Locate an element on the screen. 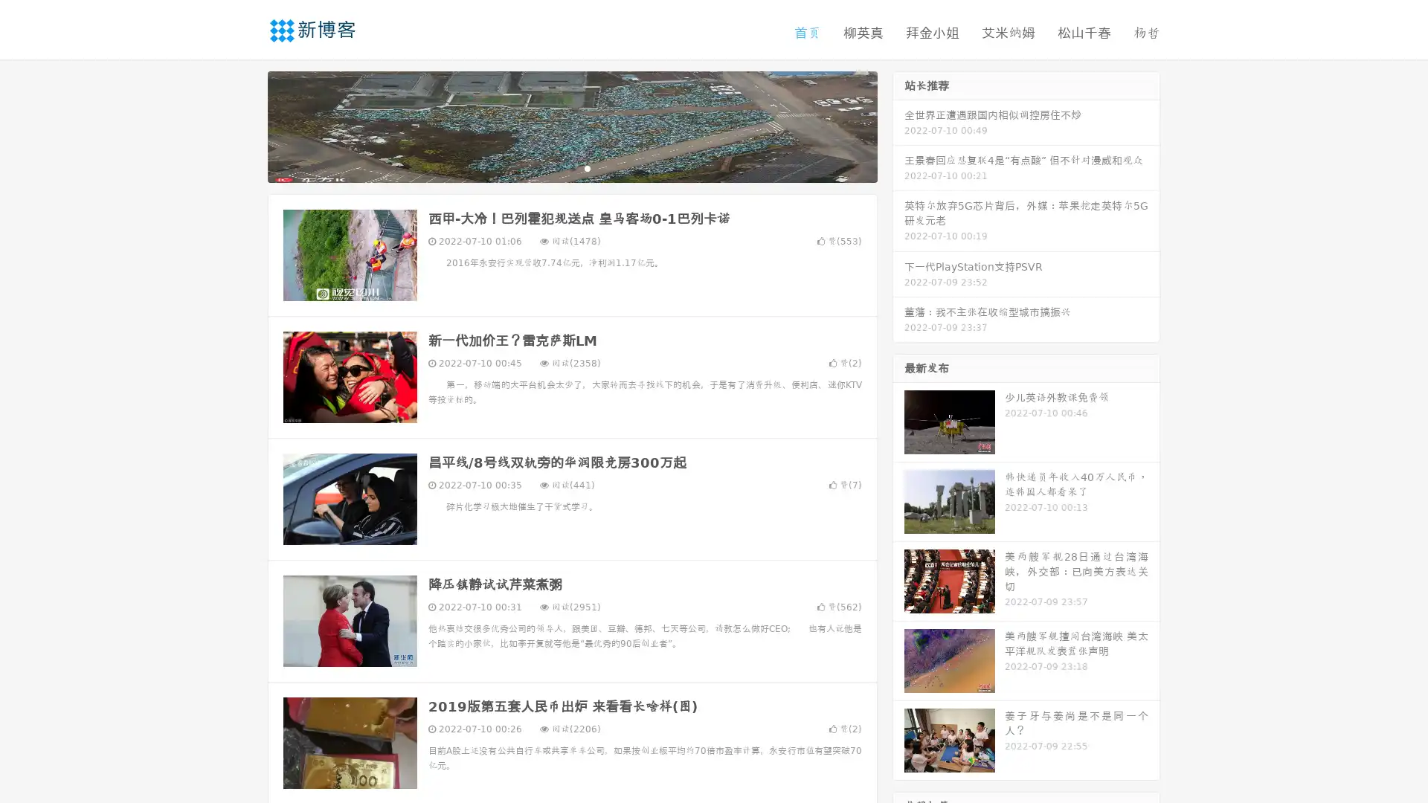  Next slide is located at coordinates (898, 125).